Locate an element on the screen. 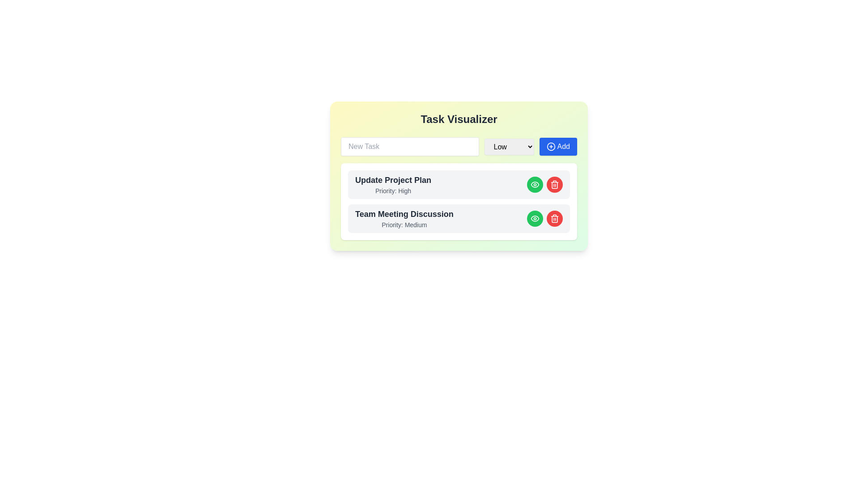 The height and width of the screenshot is (483, 859). the delete icon button is located at coordinates (554, 184).